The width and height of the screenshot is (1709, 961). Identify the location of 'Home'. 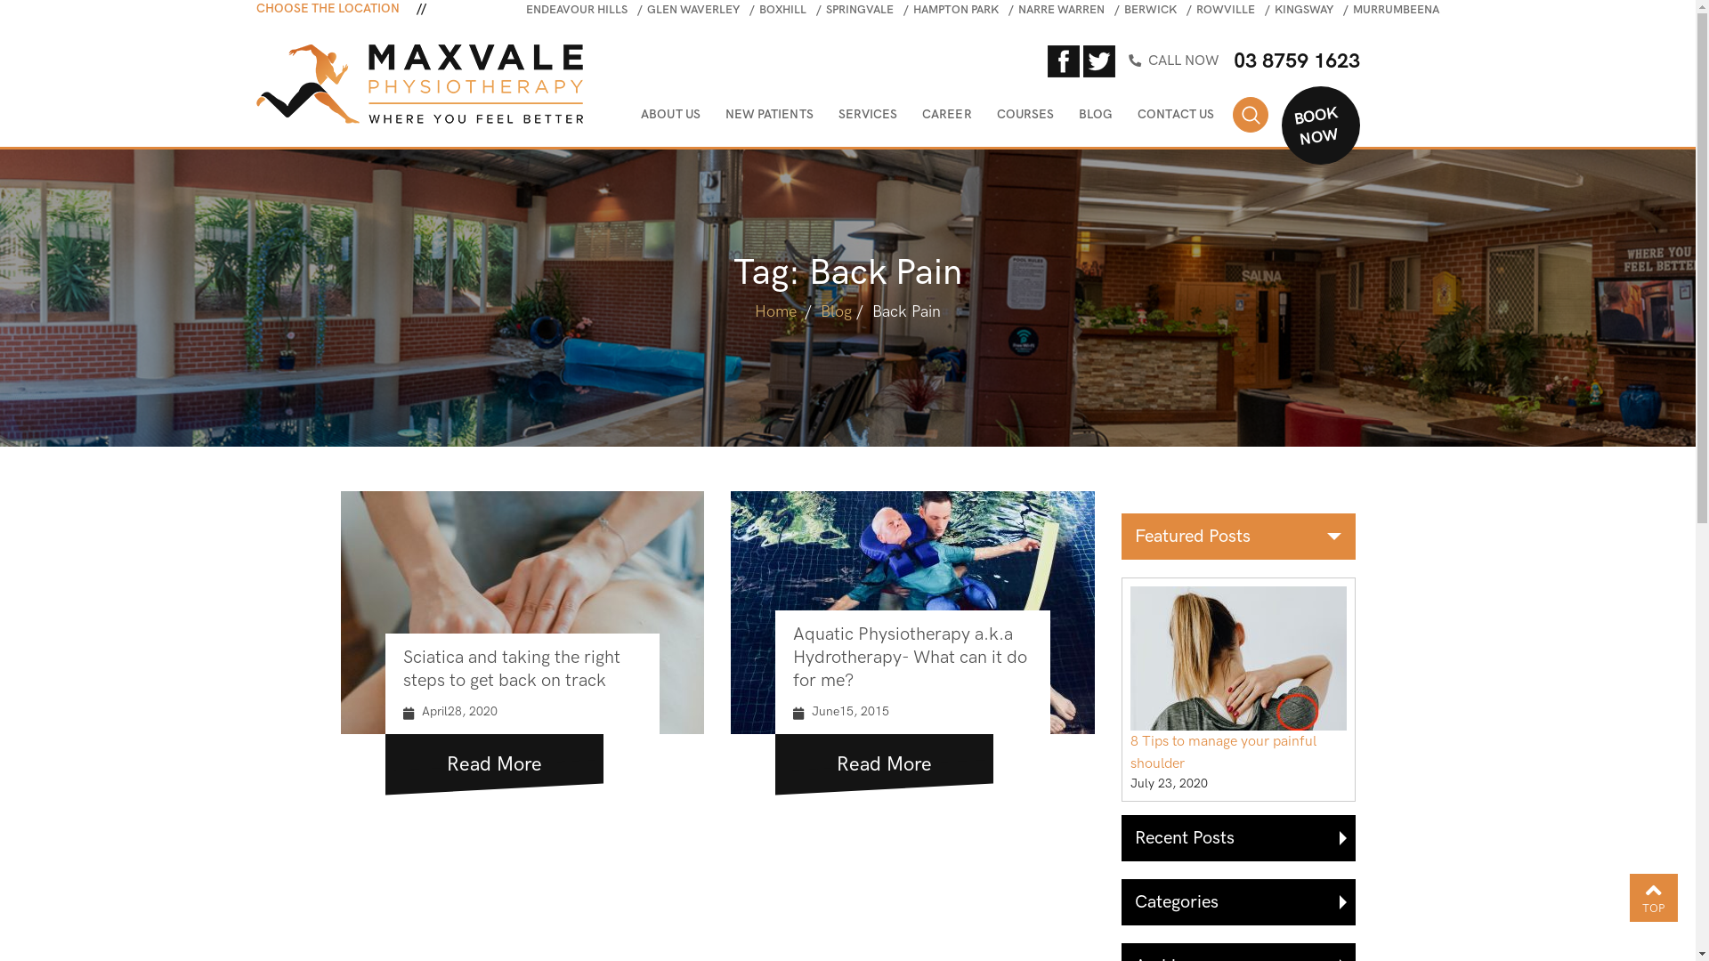
(775, 311).